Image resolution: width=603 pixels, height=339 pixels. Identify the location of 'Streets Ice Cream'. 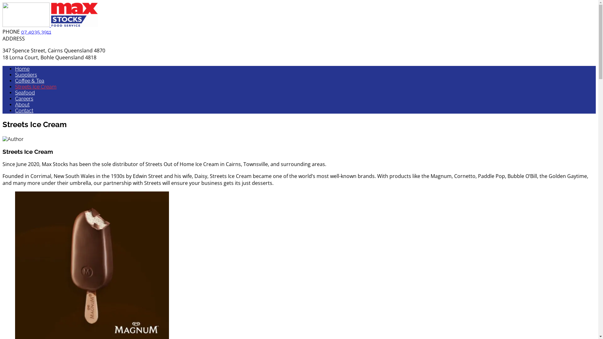
(15, 87).